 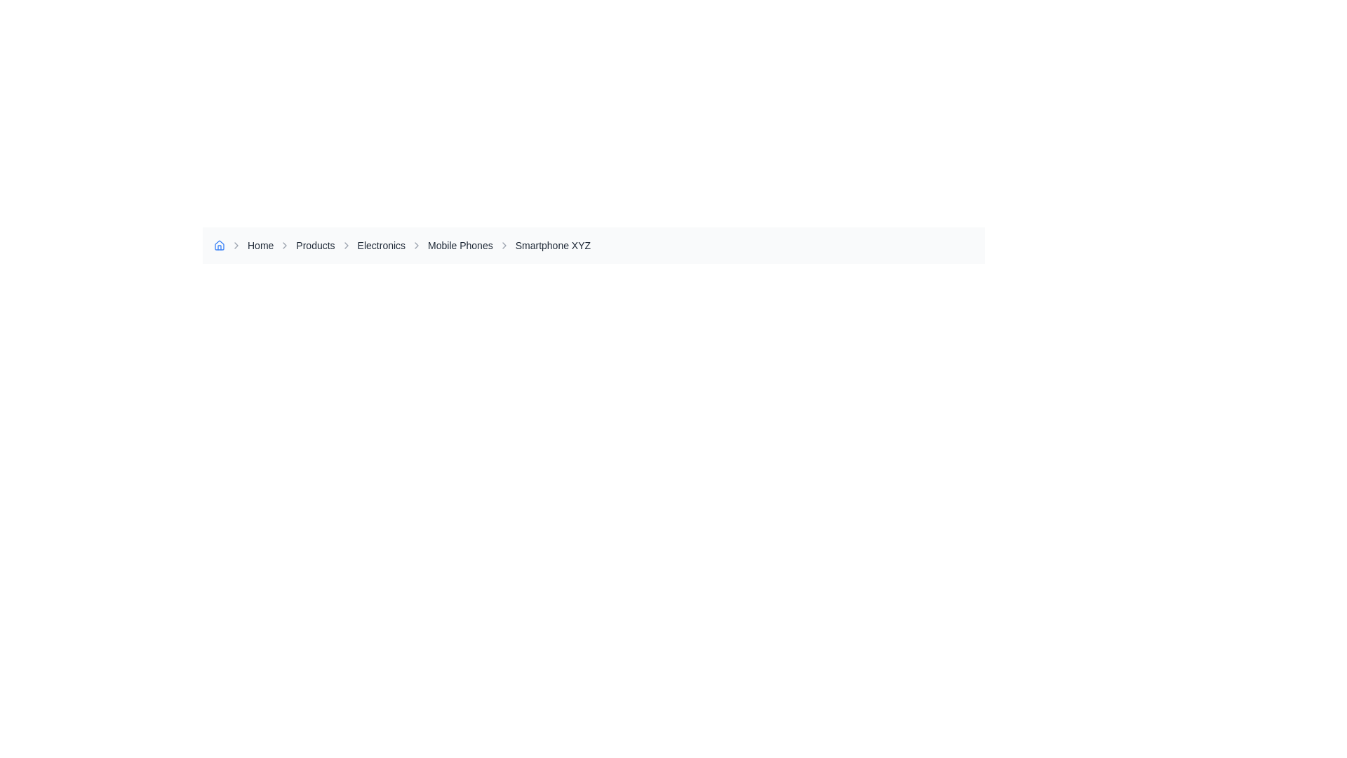 I want to click on the graphic chevron icon in the breadcrumb navigation bar, located to the left of 'Smartphone XYZ', which serves as a visual delimiter between breadcrumb items, so click(x=504, y=245).